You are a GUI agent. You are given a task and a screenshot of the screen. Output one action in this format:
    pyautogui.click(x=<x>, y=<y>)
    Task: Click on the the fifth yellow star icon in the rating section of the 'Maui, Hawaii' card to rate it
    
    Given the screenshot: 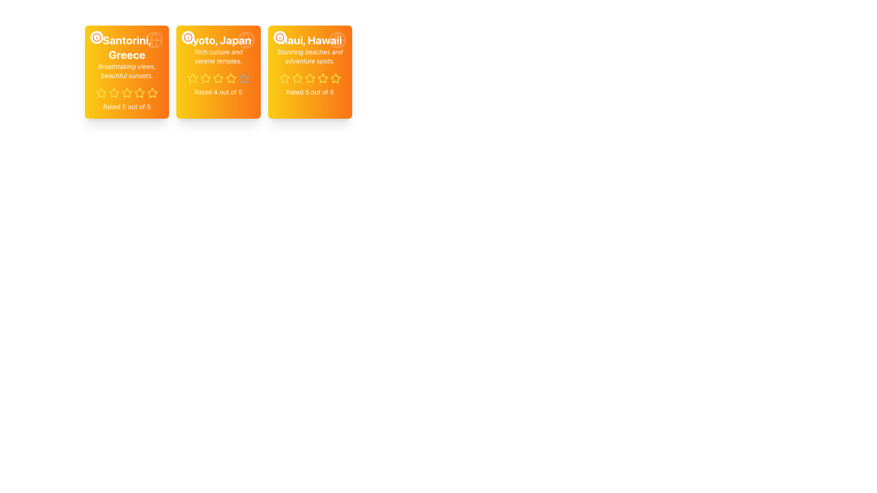 What is the action you would take?
    pyautogui.click(x=335, y=78)
    